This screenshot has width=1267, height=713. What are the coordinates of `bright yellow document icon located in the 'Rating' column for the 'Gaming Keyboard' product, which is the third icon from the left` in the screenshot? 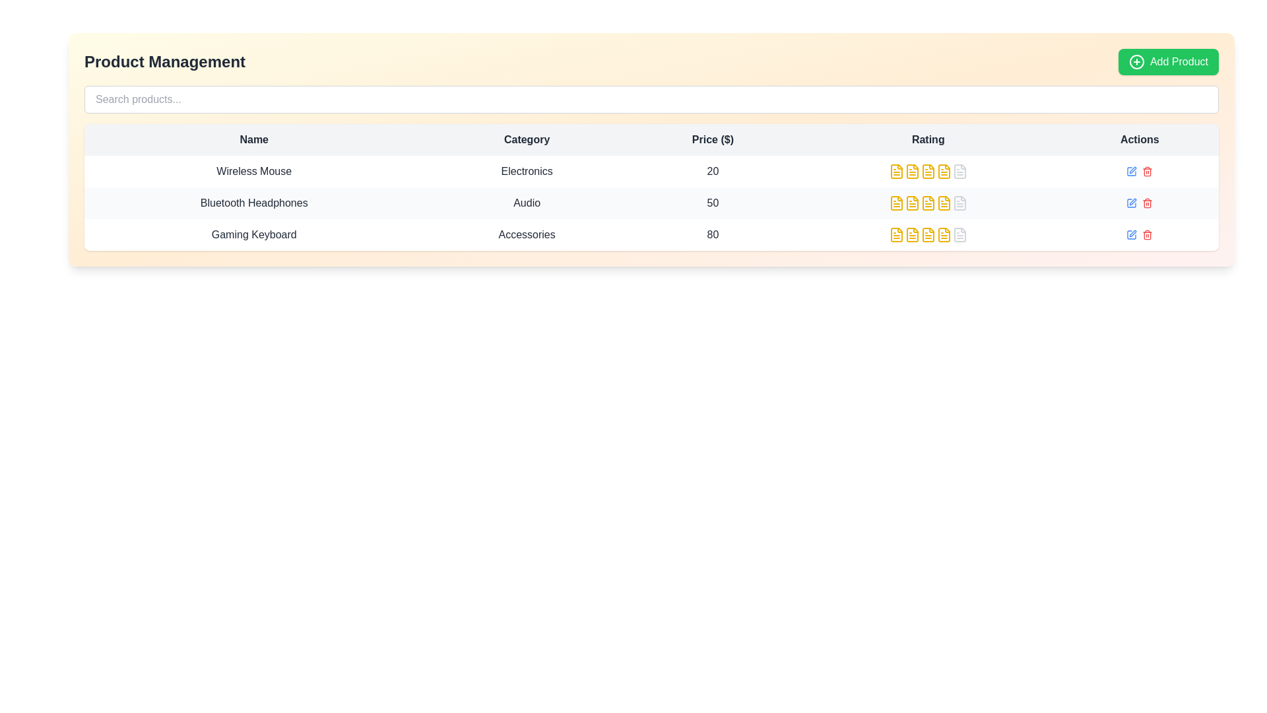 It's located at (896, 234).